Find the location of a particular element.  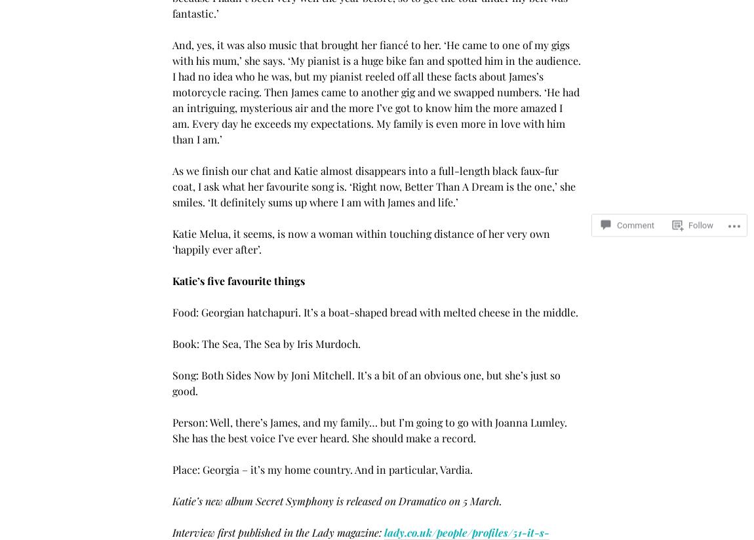

'Comment' is located at coordinates (635, 212).